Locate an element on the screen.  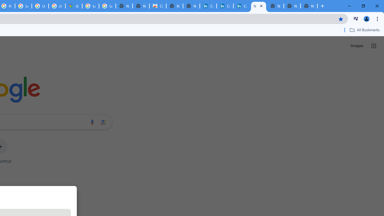
'Cookie Policy | LinkedIn' is located at coordinates (208, 6).